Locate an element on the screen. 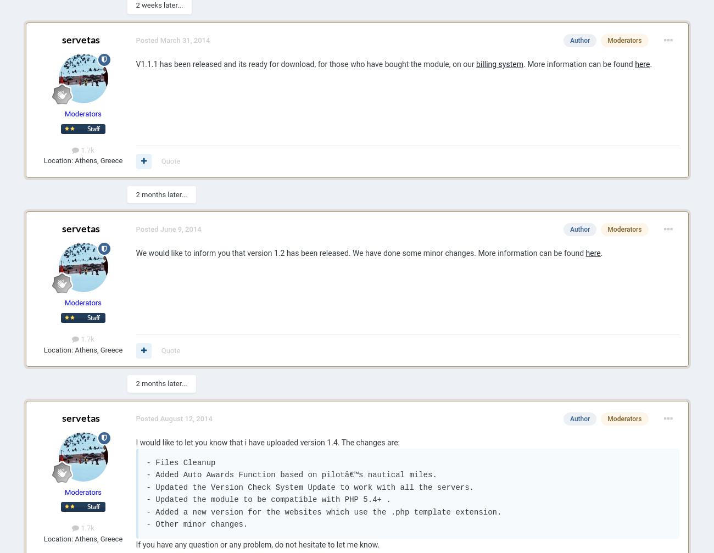 This screenshot has width=714, height=553. '- Files Cleanup
- Added Auto Awards Function based on pilotâ€™s nautical miles.
- Updated the Version Check System Update to work with all the servers.
- Updated the module to be compatible with PHP 5.4+ .
- Added a new version for the websites which use the .php template extension.
- Other minor changes.' is located at coordinates (323, 493).